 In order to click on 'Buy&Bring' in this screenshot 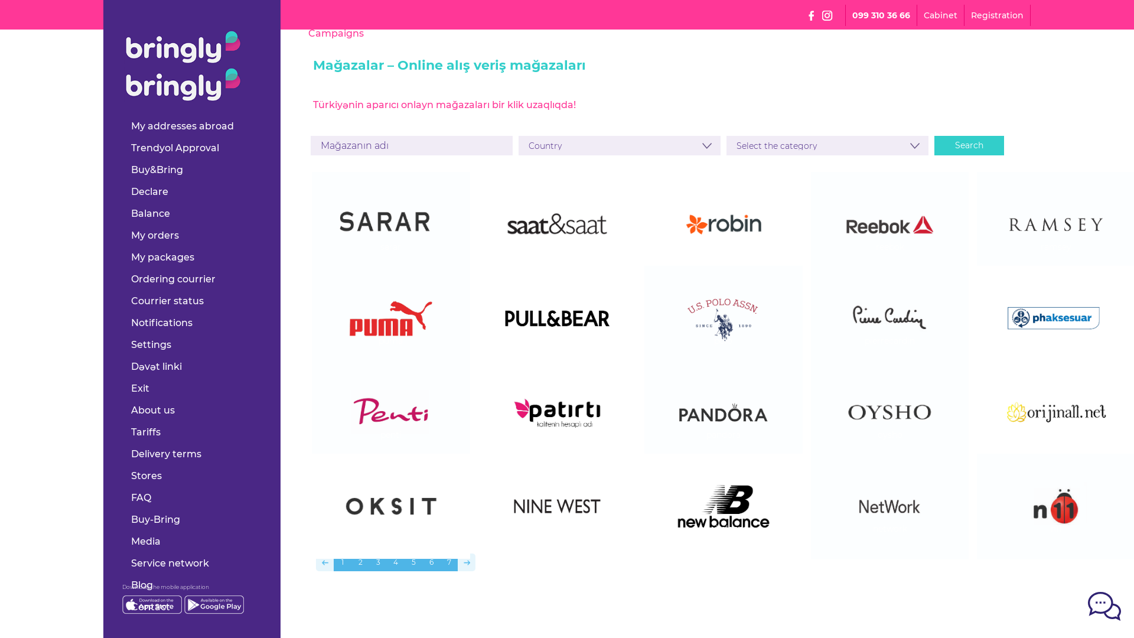, I will do `click(156, 170)`.